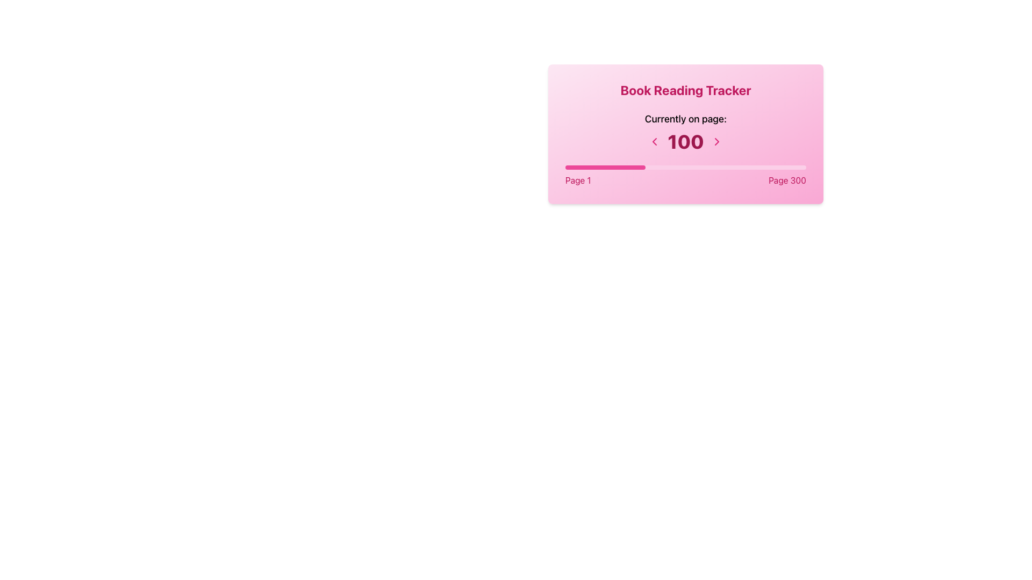  What do you see at coordinates (685, 132) in the screenshot?
I see `current page number displayed in the composite UI component showing 'Currently on page: 100' with the number 100 highlighted in bold` at bounding box center [685, 132].